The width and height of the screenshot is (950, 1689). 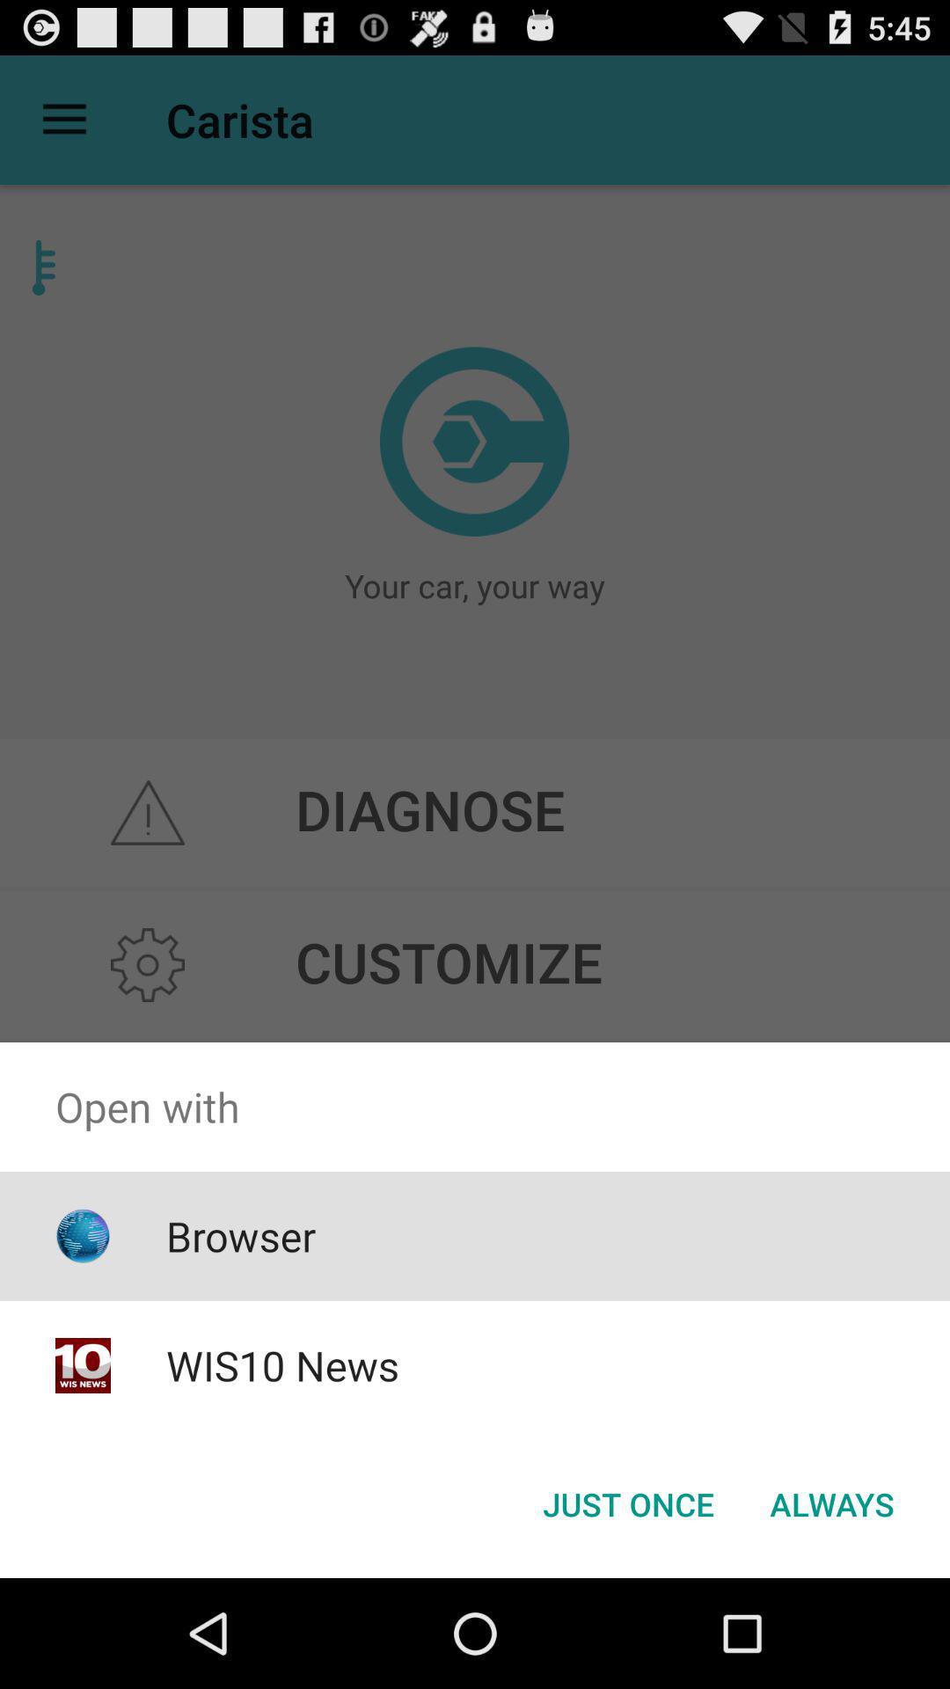 I want to click on the item above wis10 news icon, so click(x=241, y=1235).